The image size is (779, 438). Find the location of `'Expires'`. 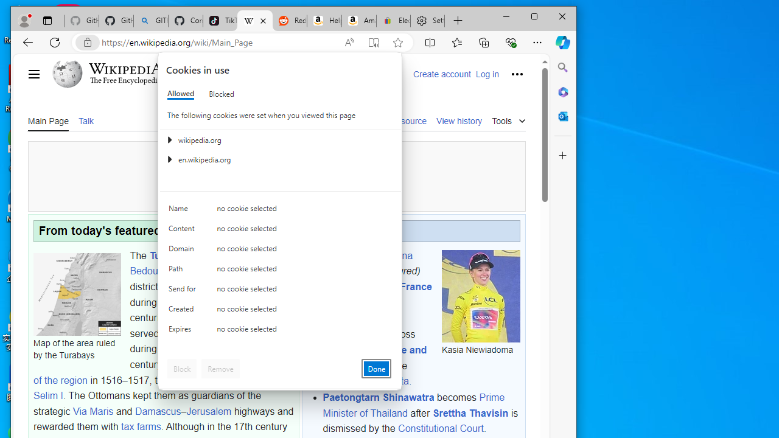

'Expires' is located at coordinates (183, 332).